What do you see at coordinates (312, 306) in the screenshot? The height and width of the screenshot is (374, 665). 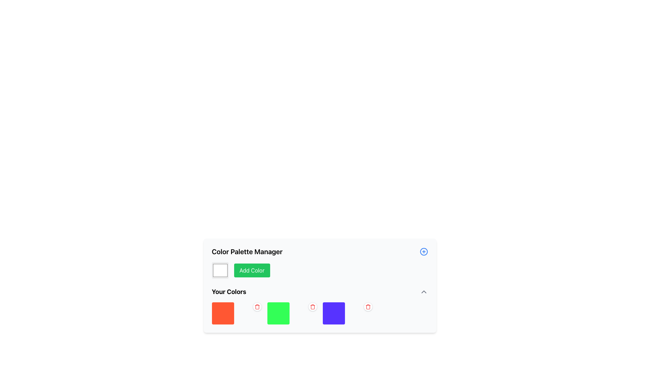 I see `the circular red trash can button located in the top-right corner of the green square in the 'Your Colors' section` at bounding box center [312, 306].